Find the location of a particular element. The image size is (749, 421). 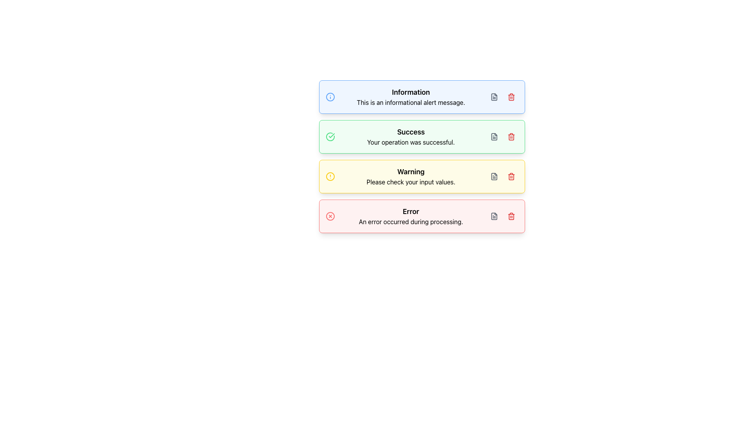

informational message displayed in the alert box labeled 'Information', which is positioned immediately below the label within the topmost alert box is located at coordinates (410, 102).